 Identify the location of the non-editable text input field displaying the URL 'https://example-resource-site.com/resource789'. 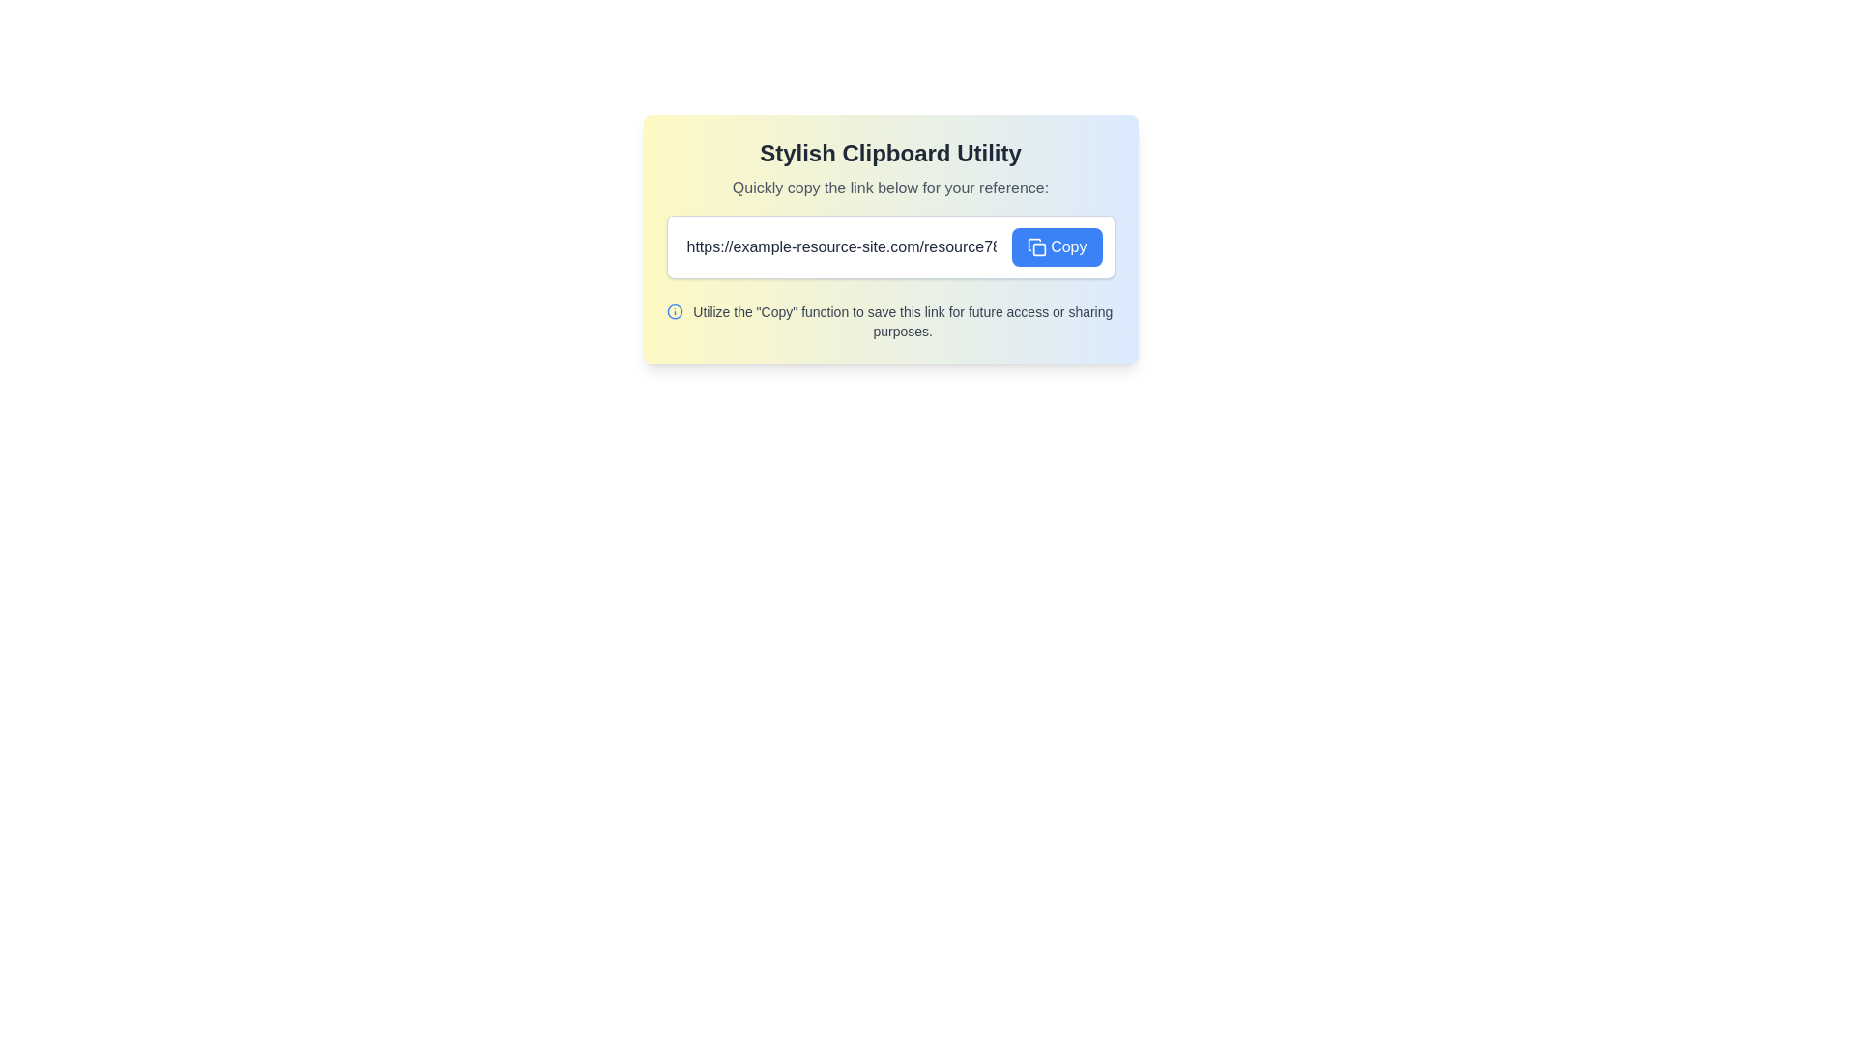
(841, 246).